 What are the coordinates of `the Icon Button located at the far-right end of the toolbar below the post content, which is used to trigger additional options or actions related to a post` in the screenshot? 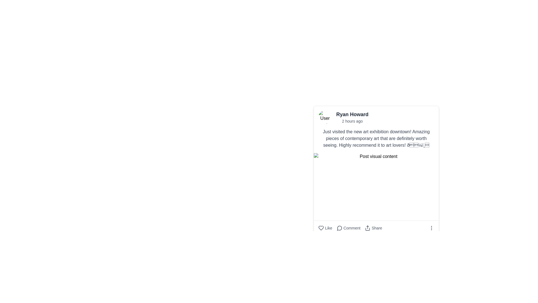 It's located at (431, 228).